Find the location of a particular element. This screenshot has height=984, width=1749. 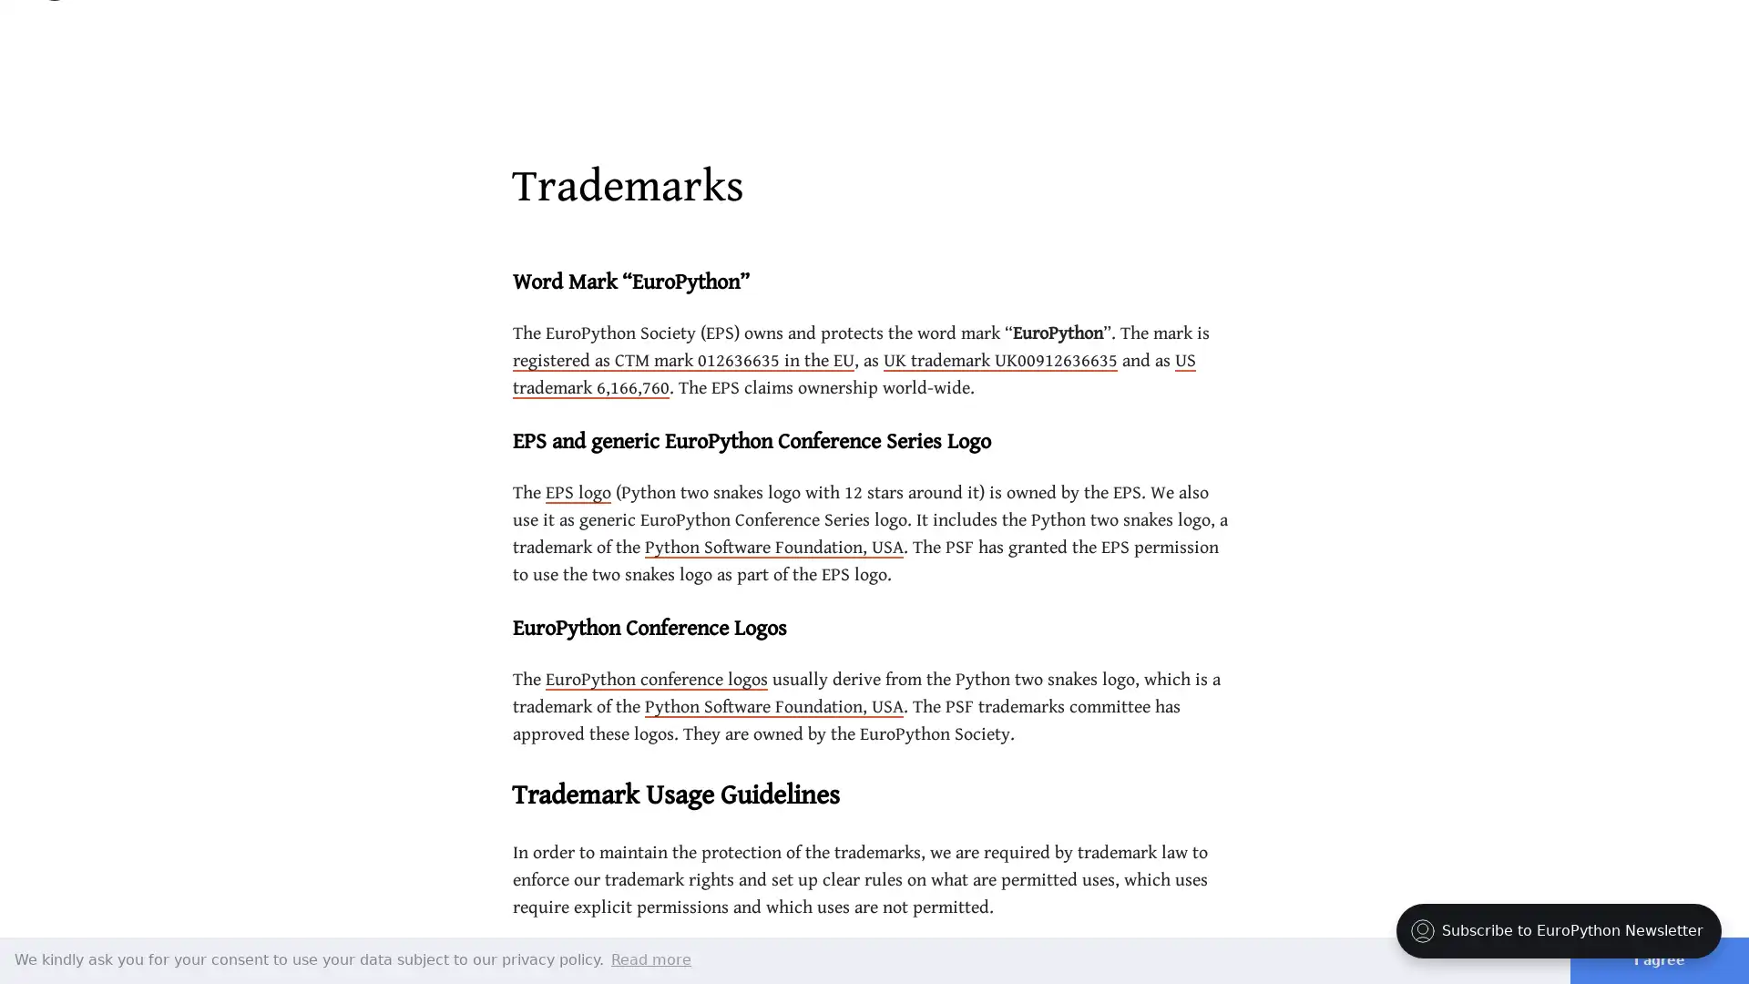

Sign up is located at coordinates (1679, 35).